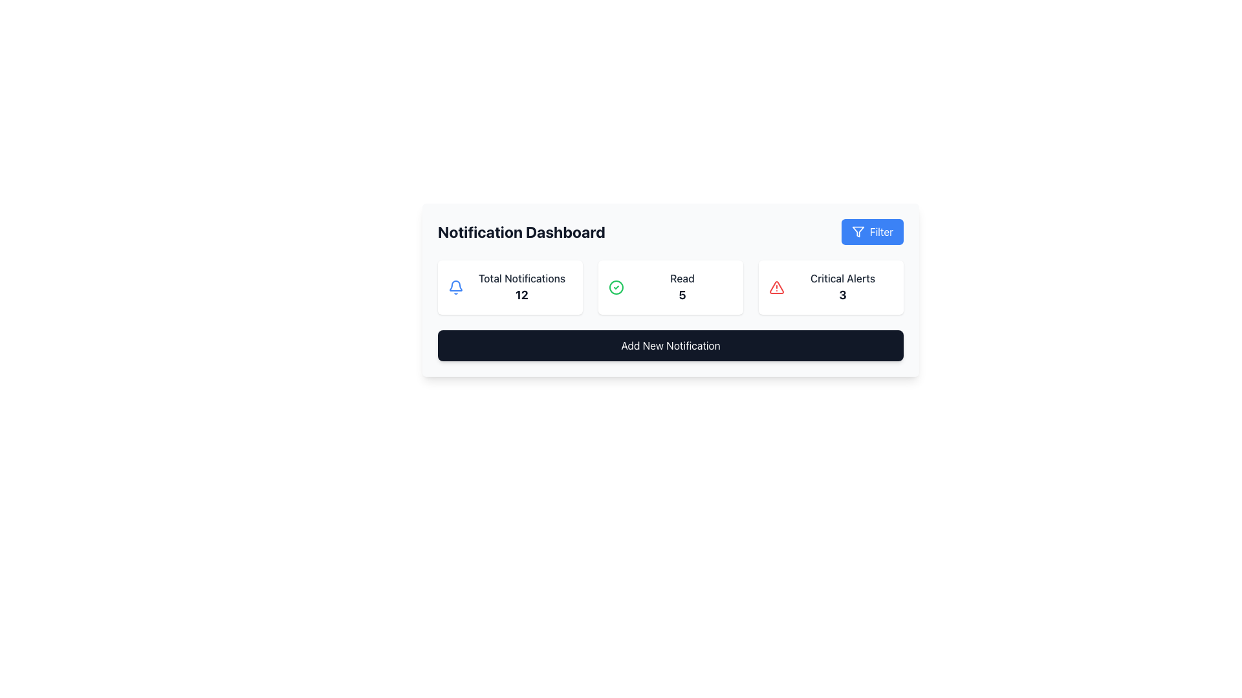 The height and width of the screenshot is (698, 1242). Describe the element at coordinates (670, 286) in the screenshot. I see `the Information Card displaying the count of read notifications in the dashboard, which is the second card in a row of three cards` at that location.